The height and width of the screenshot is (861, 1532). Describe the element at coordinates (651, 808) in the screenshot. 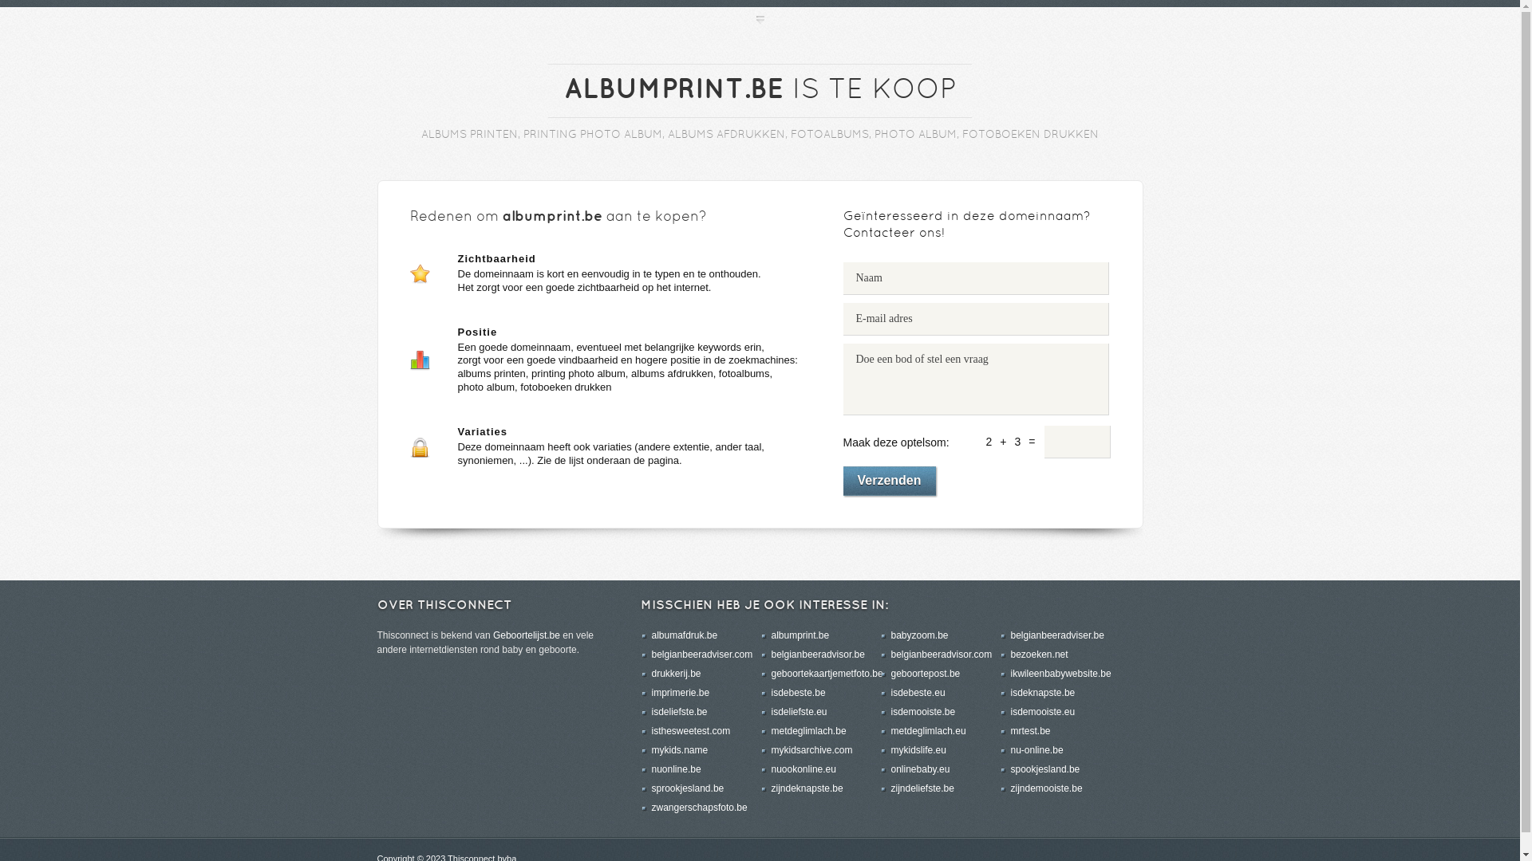

I see `'zwangerschapsfoto.be'` at that location.